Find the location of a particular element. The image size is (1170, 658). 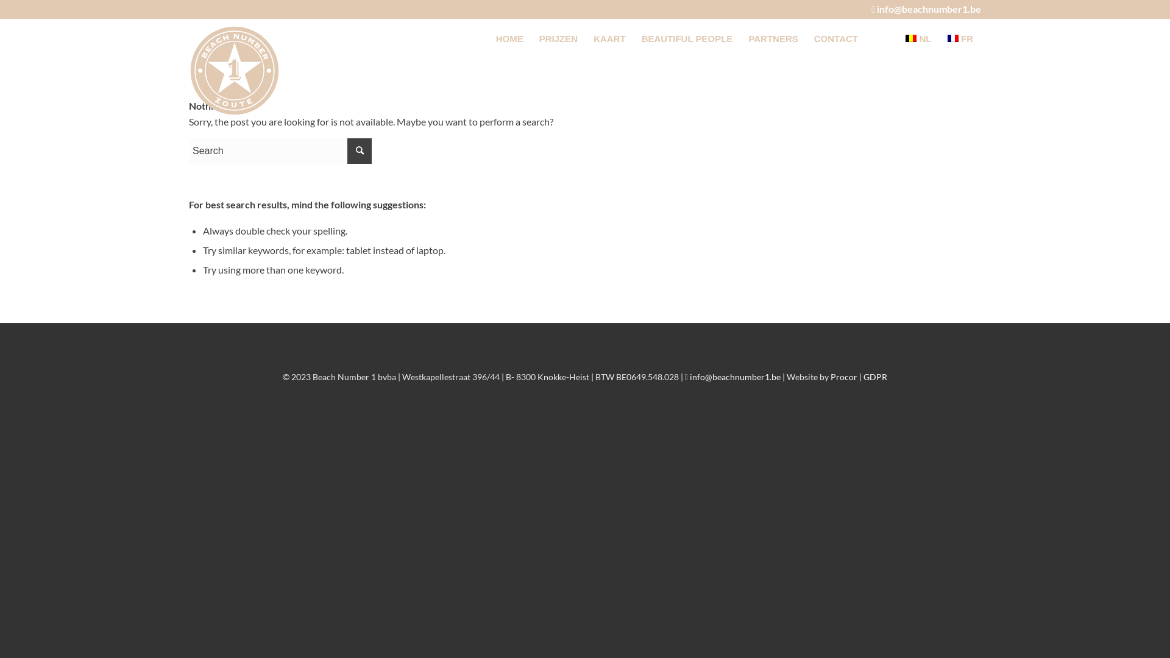

'BEAUTIFUL PEOPLE' is located at coordinates (687, 38).